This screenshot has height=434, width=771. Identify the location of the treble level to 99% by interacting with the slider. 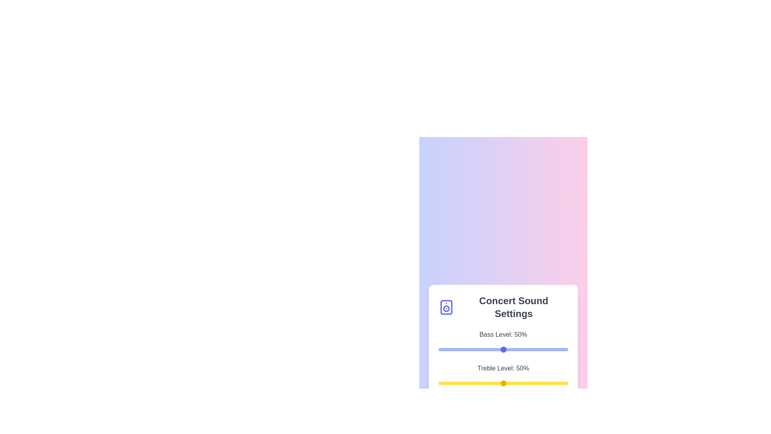
(566, 383).